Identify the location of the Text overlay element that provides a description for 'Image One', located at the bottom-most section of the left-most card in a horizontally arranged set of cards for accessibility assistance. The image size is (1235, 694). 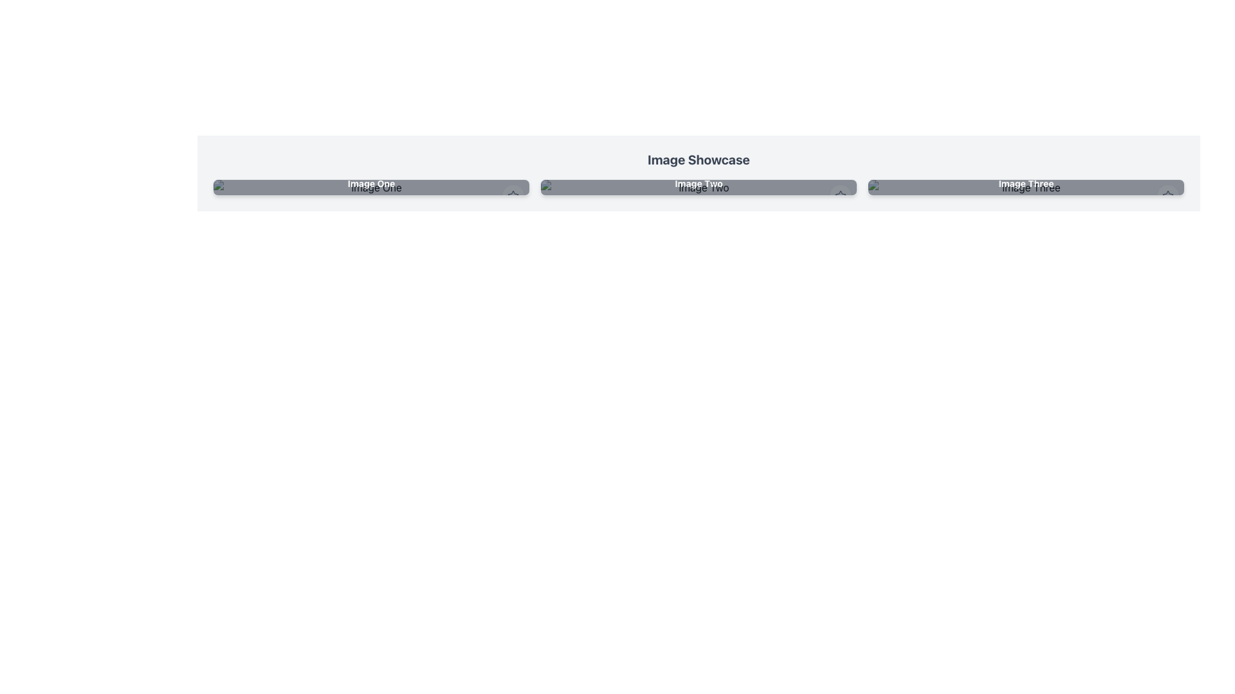
(370, 183).